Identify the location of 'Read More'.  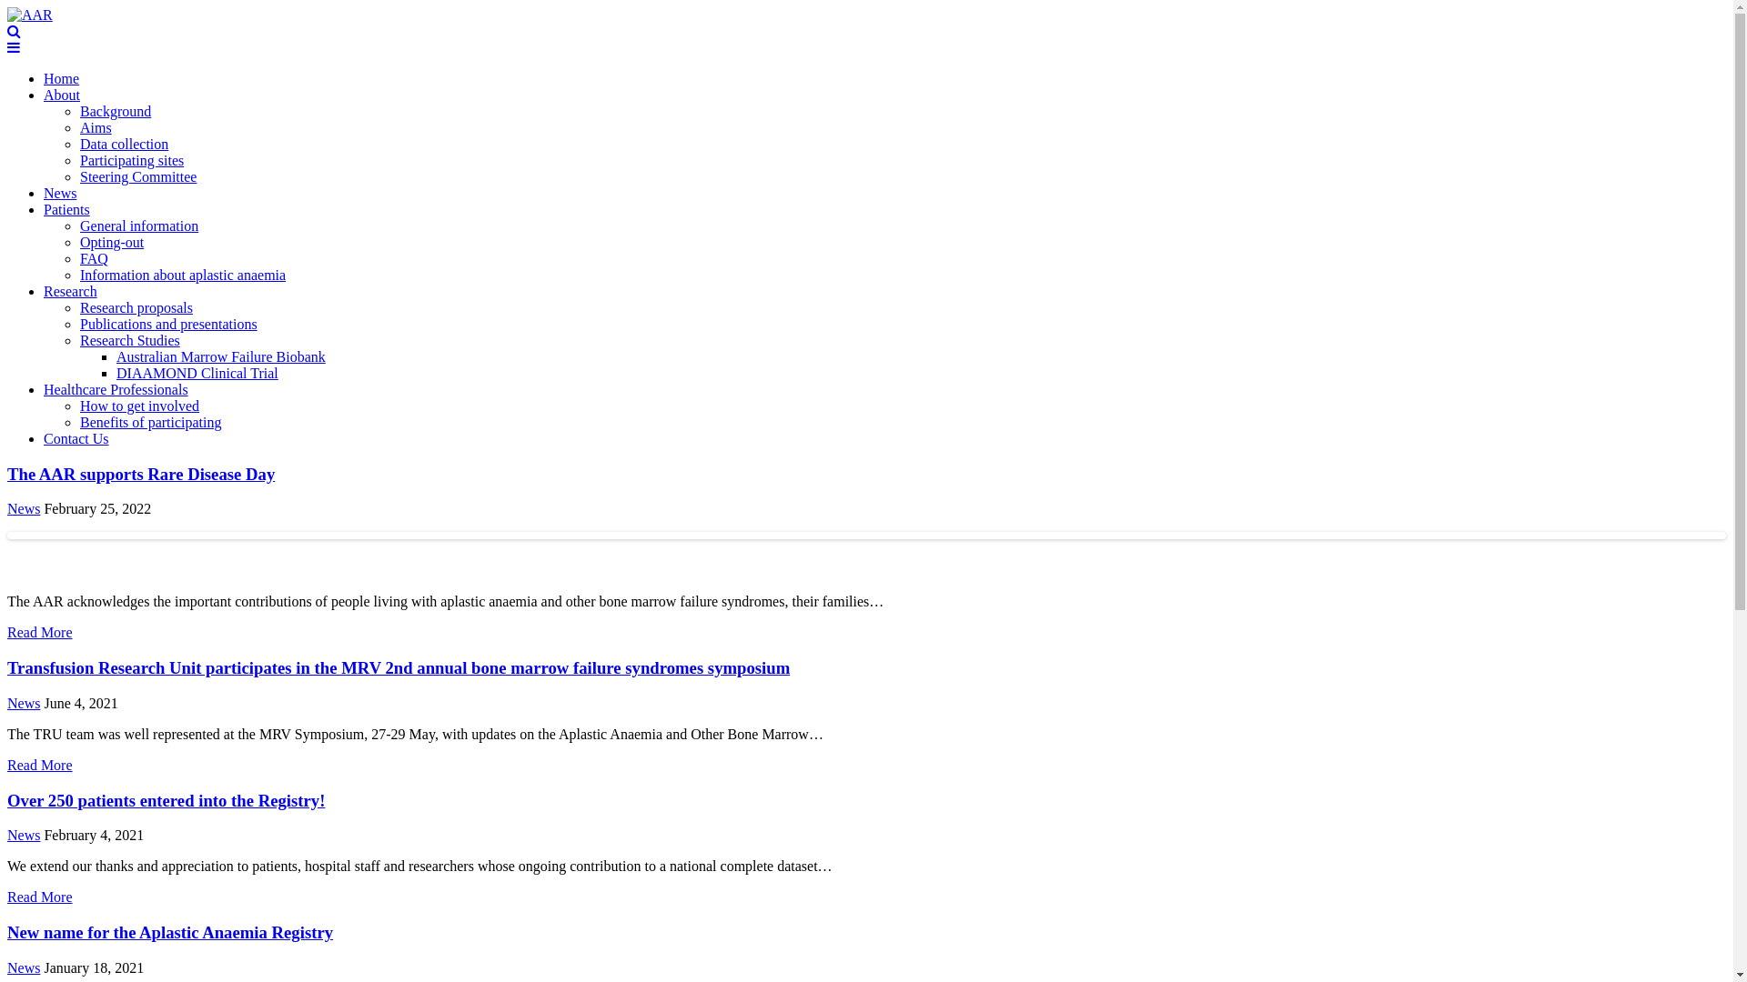
(39, 896).